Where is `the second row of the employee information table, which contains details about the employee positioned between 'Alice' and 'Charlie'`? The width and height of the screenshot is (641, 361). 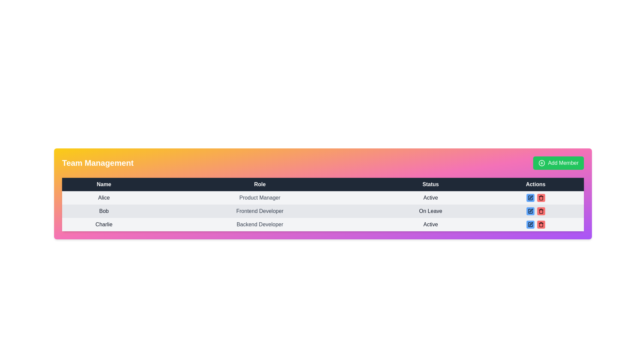 the second row of the employee information table, which contains details about the employee positioned between 'Alice' and 'Charlie' is located at coordinates (323, 211).